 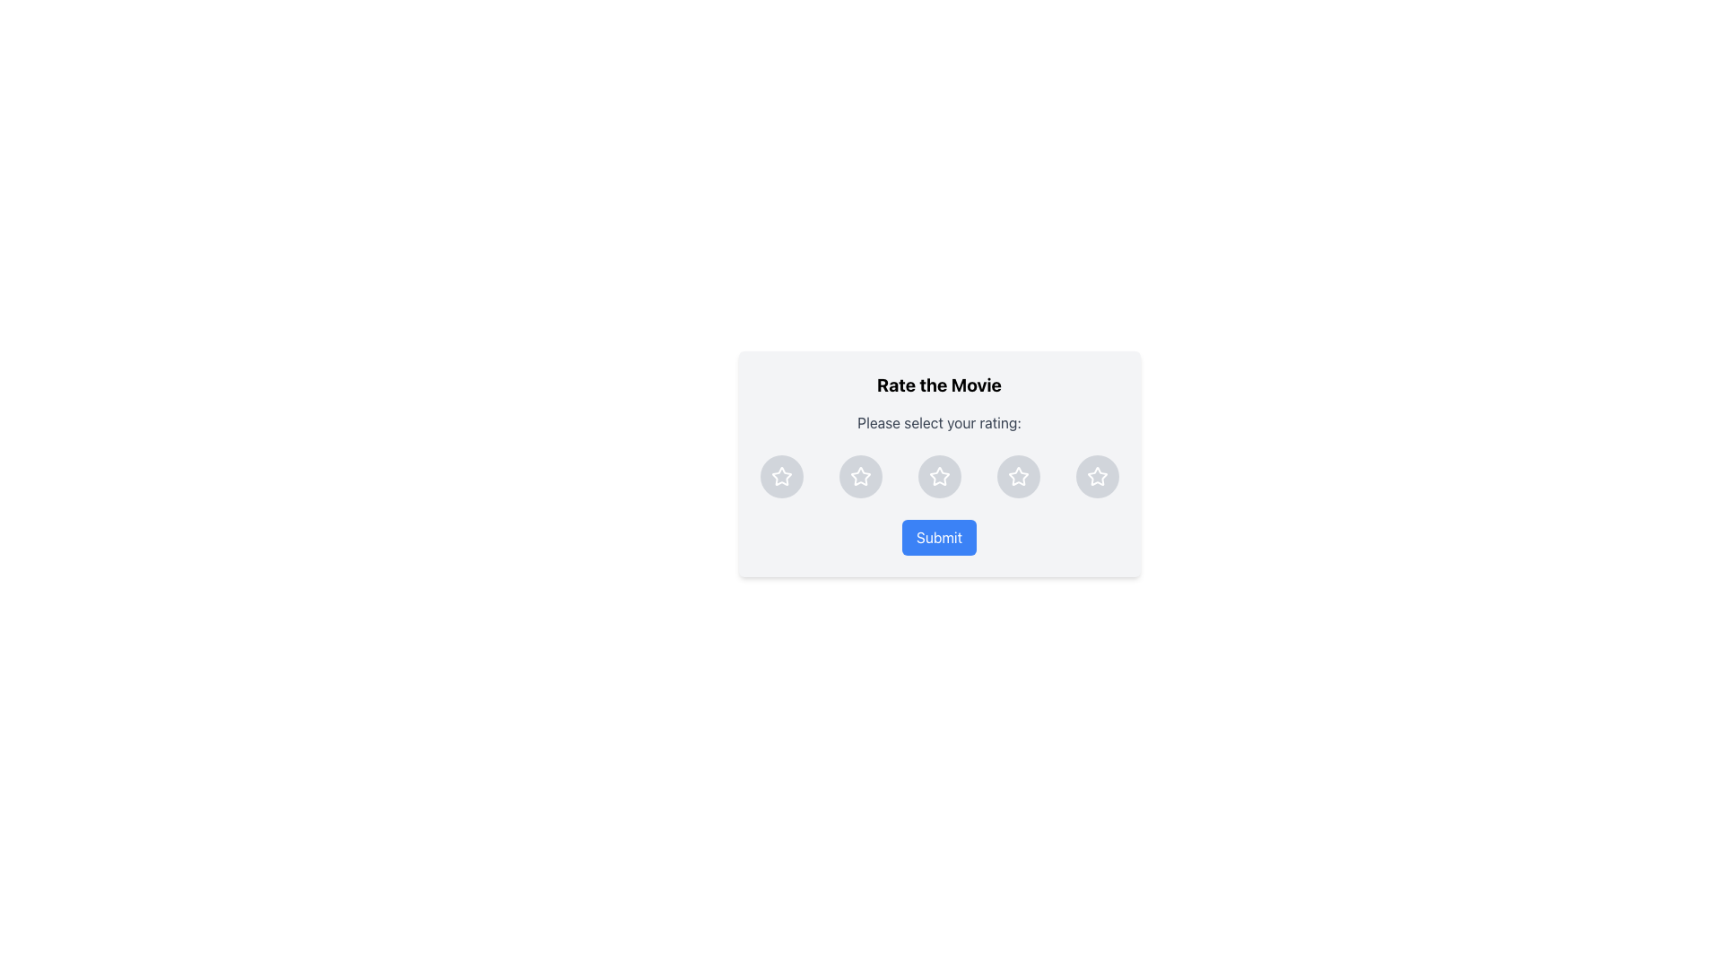 I want to click on the fifth star icon, which is a circular interactive button with a light-gray background and a white star in the center, to rate it 5, so click(x=1096, y=476).